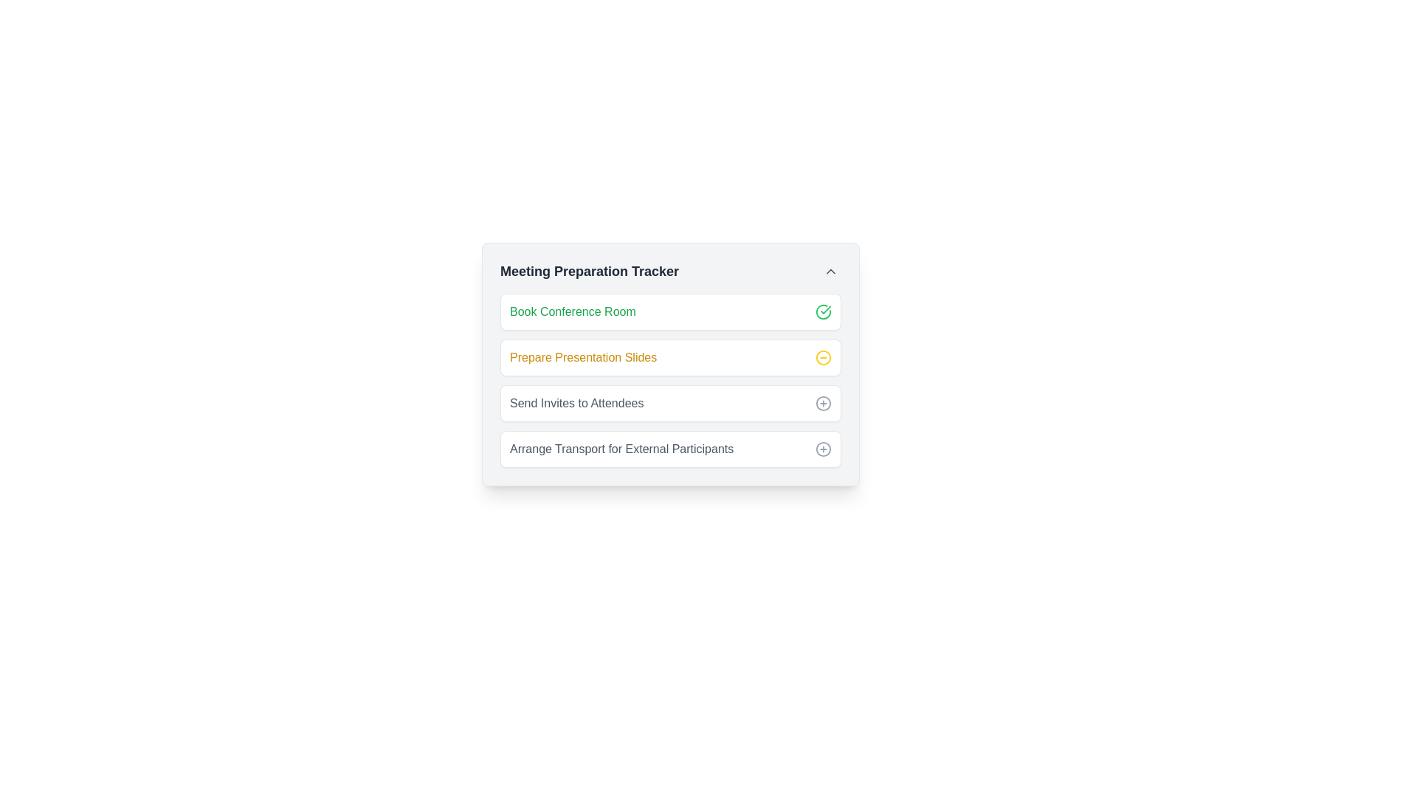 The image size is (1417, 797). What do you see at coordinates (831, 271) in the screenshot?
I see `the upward-facing chevron icon located at the top-right corner of the 'Meeting Preparation Tracker' panel` at bounding box center [831, 271].